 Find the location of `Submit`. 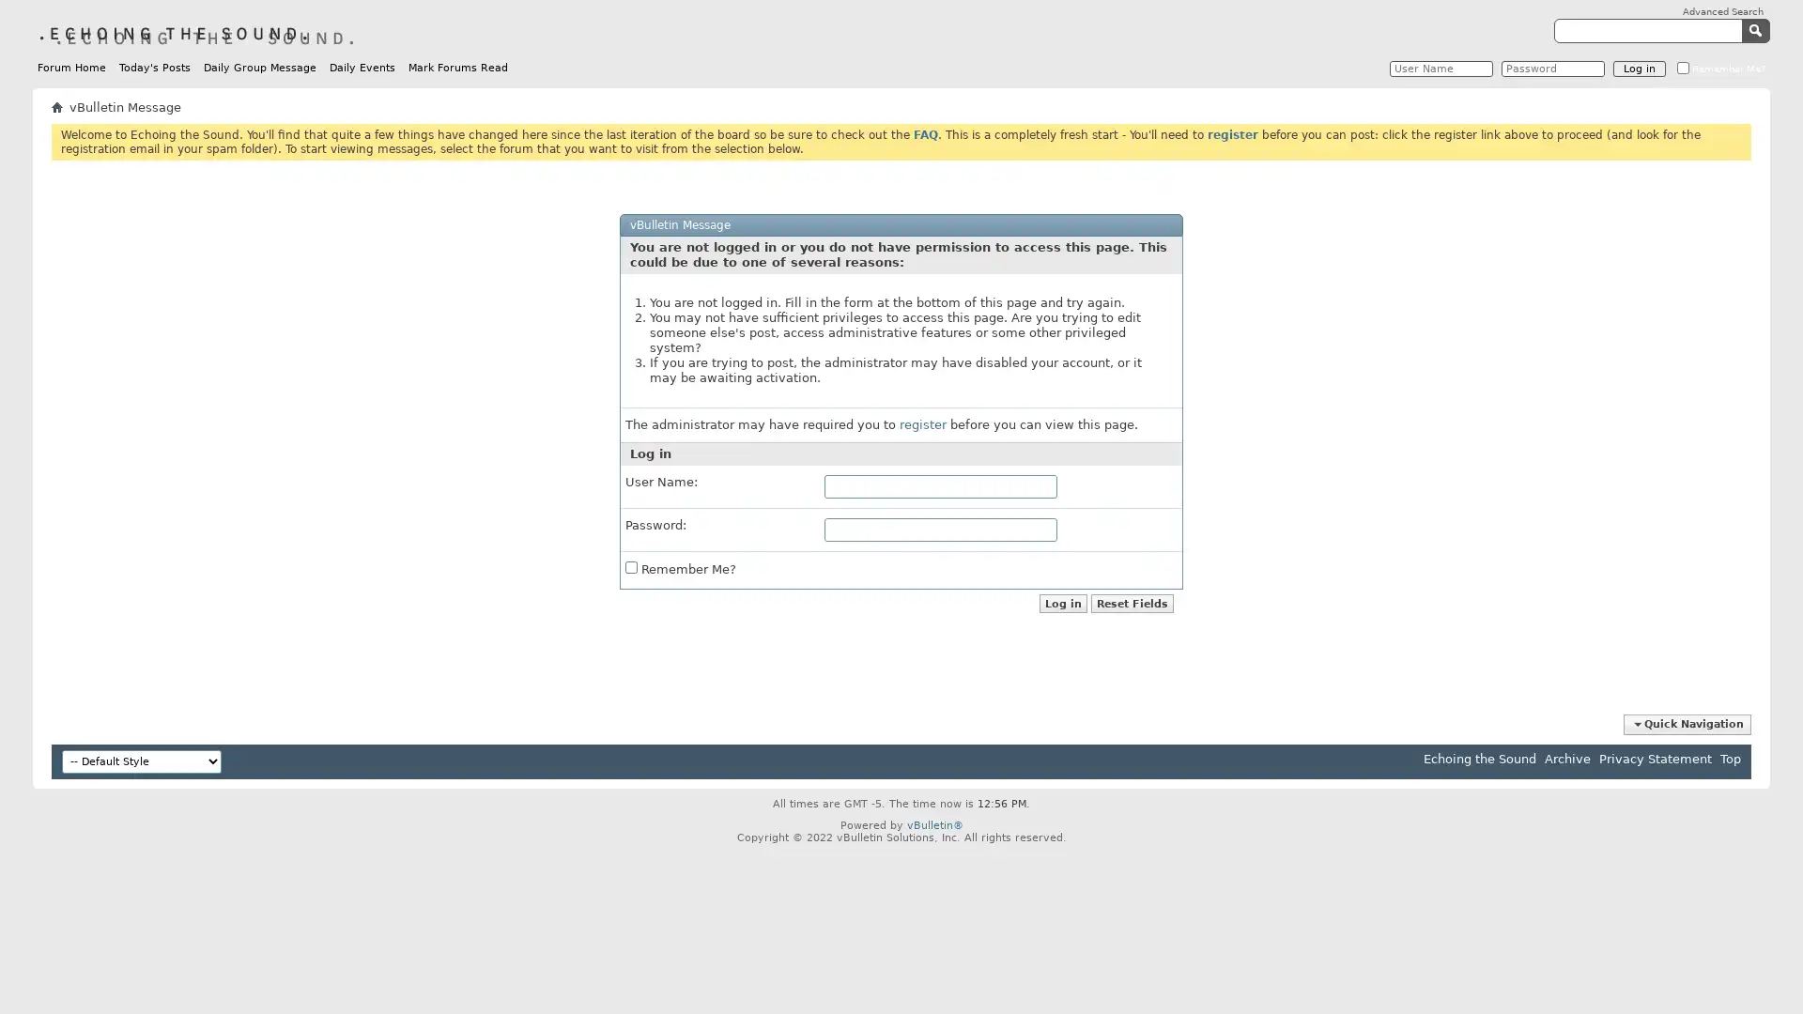

Submit is located at coordinates (1757, 29).